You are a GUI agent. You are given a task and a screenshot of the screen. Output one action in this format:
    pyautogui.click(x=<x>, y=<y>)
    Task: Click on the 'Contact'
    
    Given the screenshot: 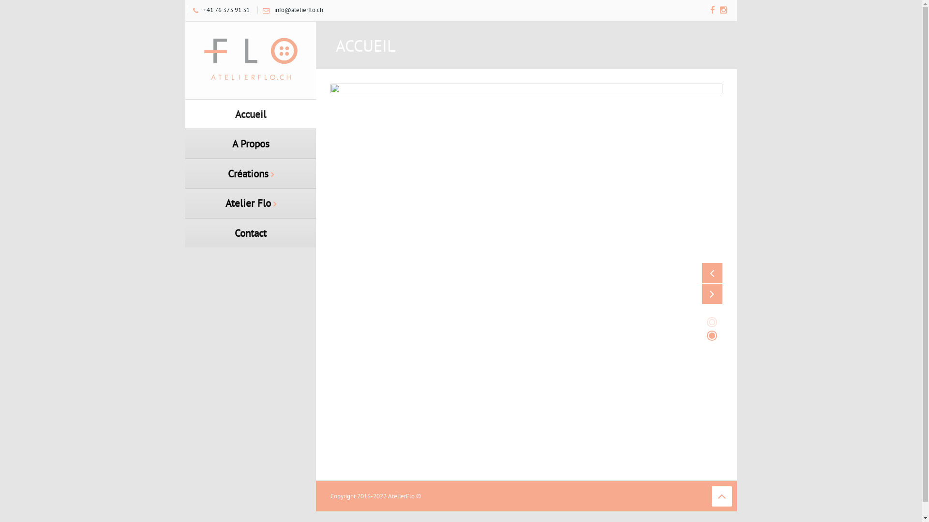 What is the action you would take?
    pyautogui.click(x=185, y=232)
    